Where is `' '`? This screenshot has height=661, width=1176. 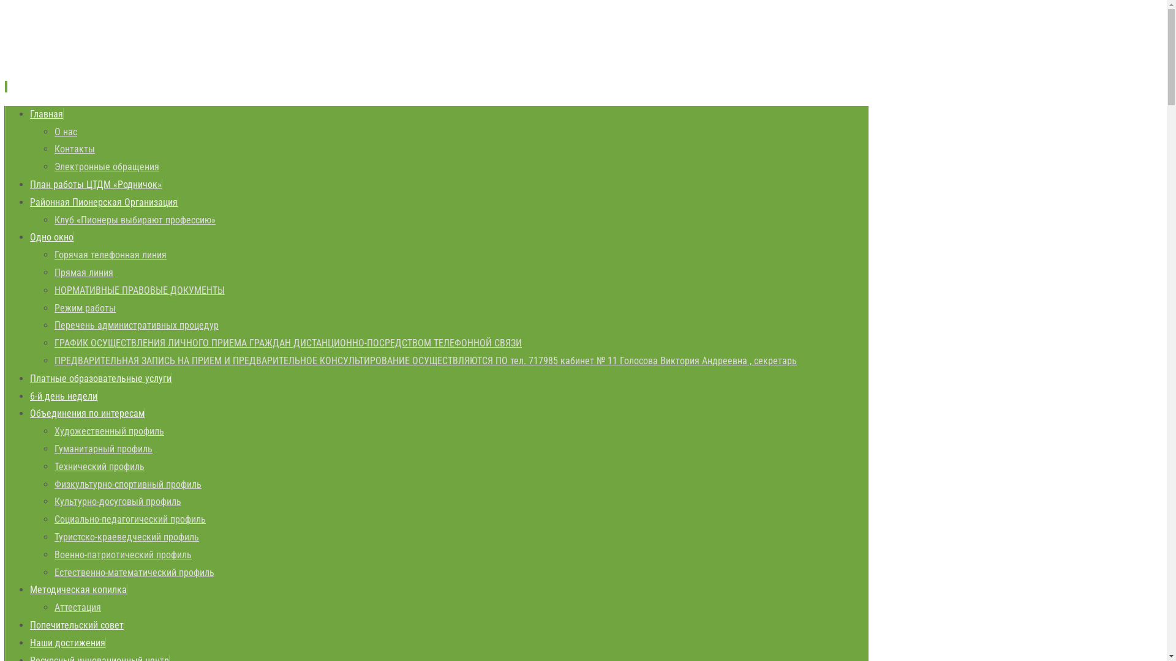 ' ' is located at coordinates (6, 86).